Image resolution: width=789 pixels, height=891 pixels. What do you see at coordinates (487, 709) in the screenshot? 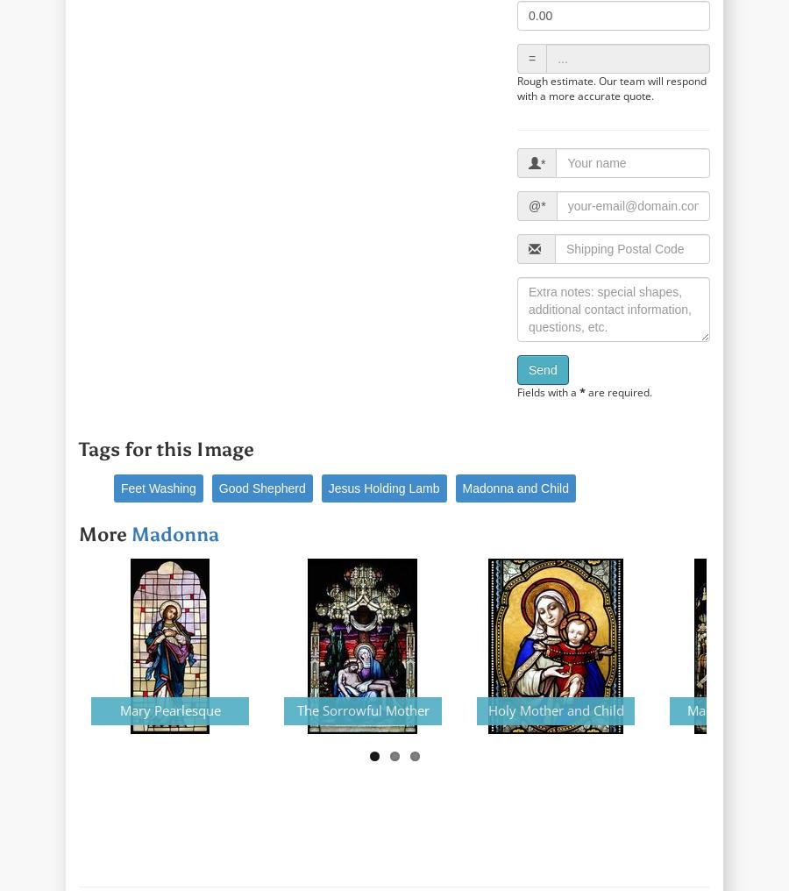
I see `'Holy Mother and Child'` at bounding box center [487, 709].